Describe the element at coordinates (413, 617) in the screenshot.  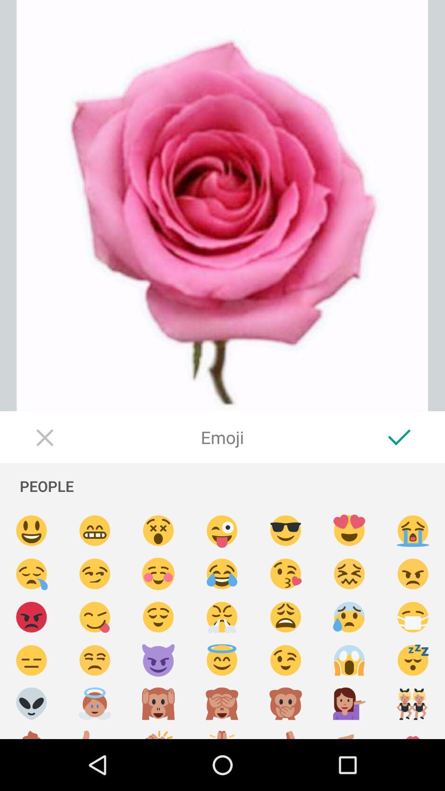
I see `emoji select` at that location.